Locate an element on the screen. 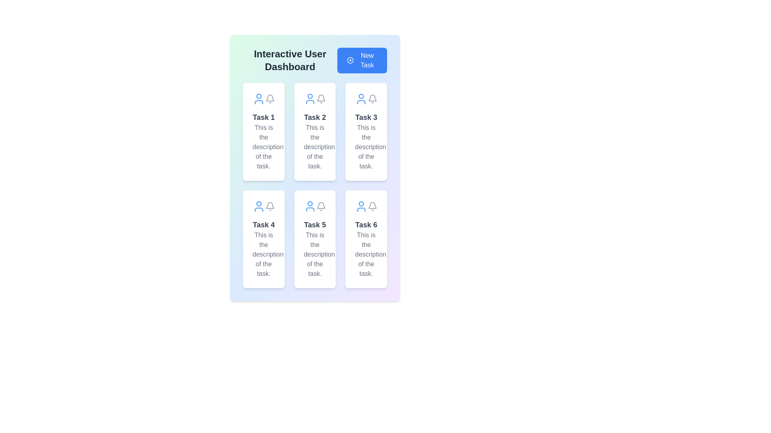 The image size is (771, 433). the Decorative icon group located in the top-left corner of the 'Task 1' card on the dashboard to visually convey user-related information and notifications is located at coordinates (263, 98).